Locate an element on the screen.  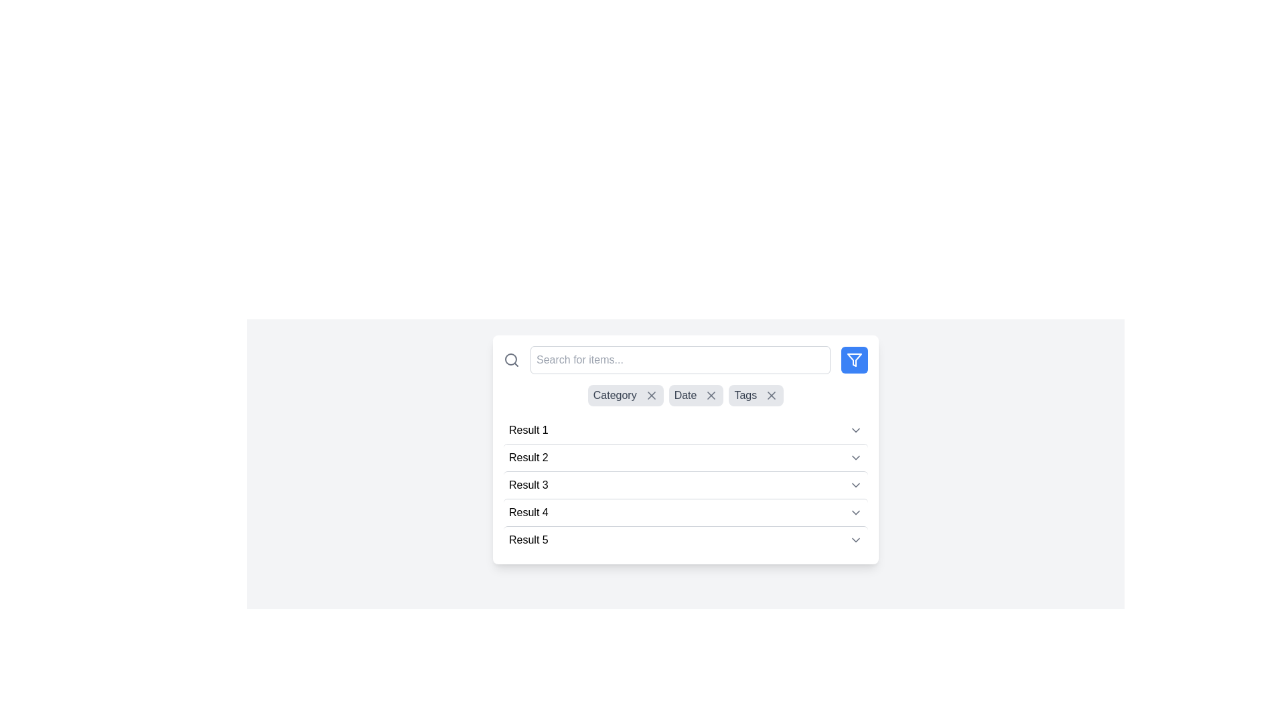
the first interactive collapsible list item located below the search functionality and filters, which expands or collapses is located at coordinates (685, 430).